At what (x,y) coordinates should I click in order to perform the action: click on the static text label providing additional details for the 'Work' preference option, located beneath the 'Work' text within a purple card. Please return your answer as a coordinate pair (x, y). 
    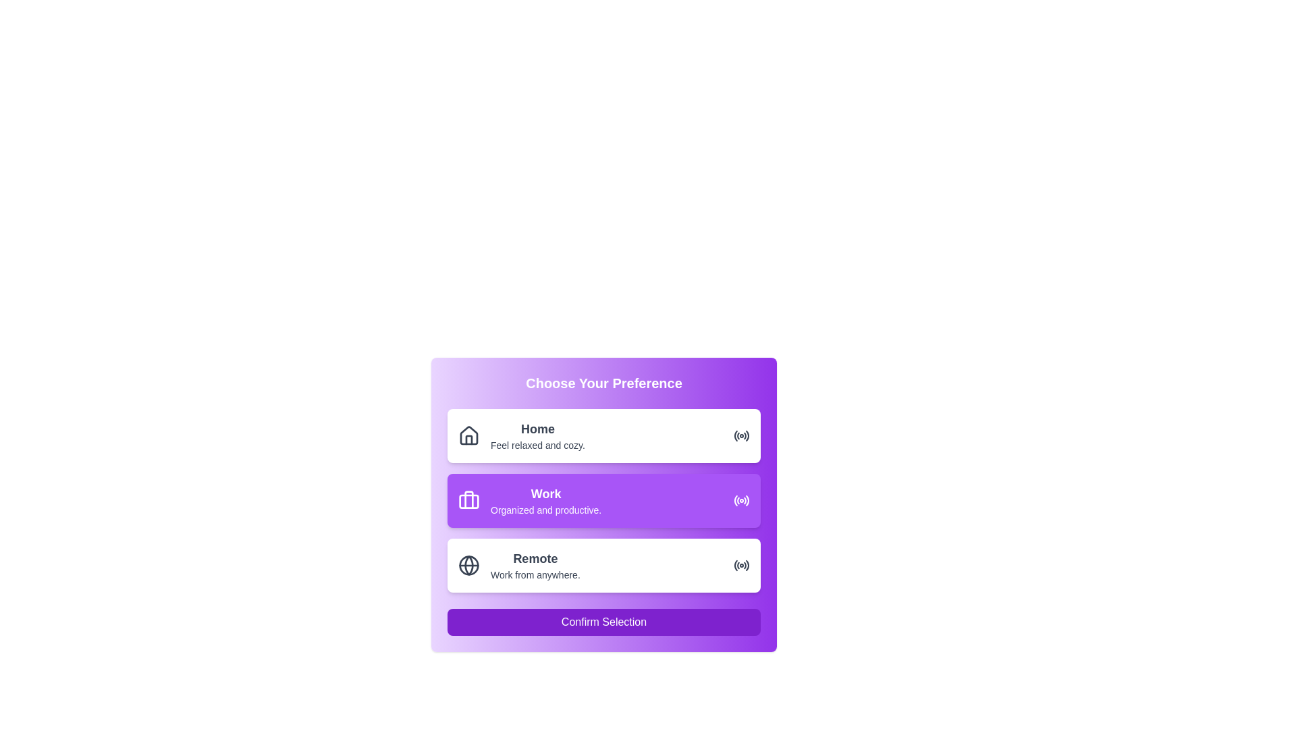
    Looking at the image, I should click on (546, 510).